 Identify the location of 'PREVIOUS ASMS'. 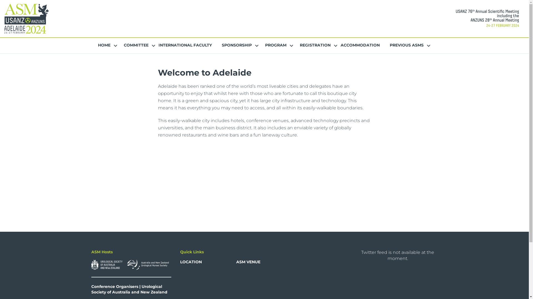
(406, 45).